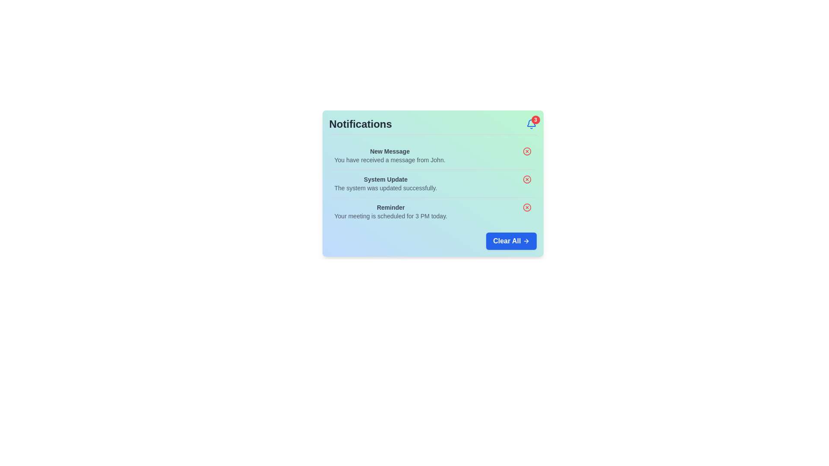  I want to click on the 'Clear All' button, which is a rectangular button with rounded corners, styled in blue with white bold text and an arrow icon, located at the bottom-right corner of the notification box, so click(511, 241).